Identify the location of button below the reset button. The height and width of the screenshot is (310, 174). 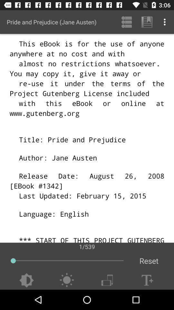
(147, 280).